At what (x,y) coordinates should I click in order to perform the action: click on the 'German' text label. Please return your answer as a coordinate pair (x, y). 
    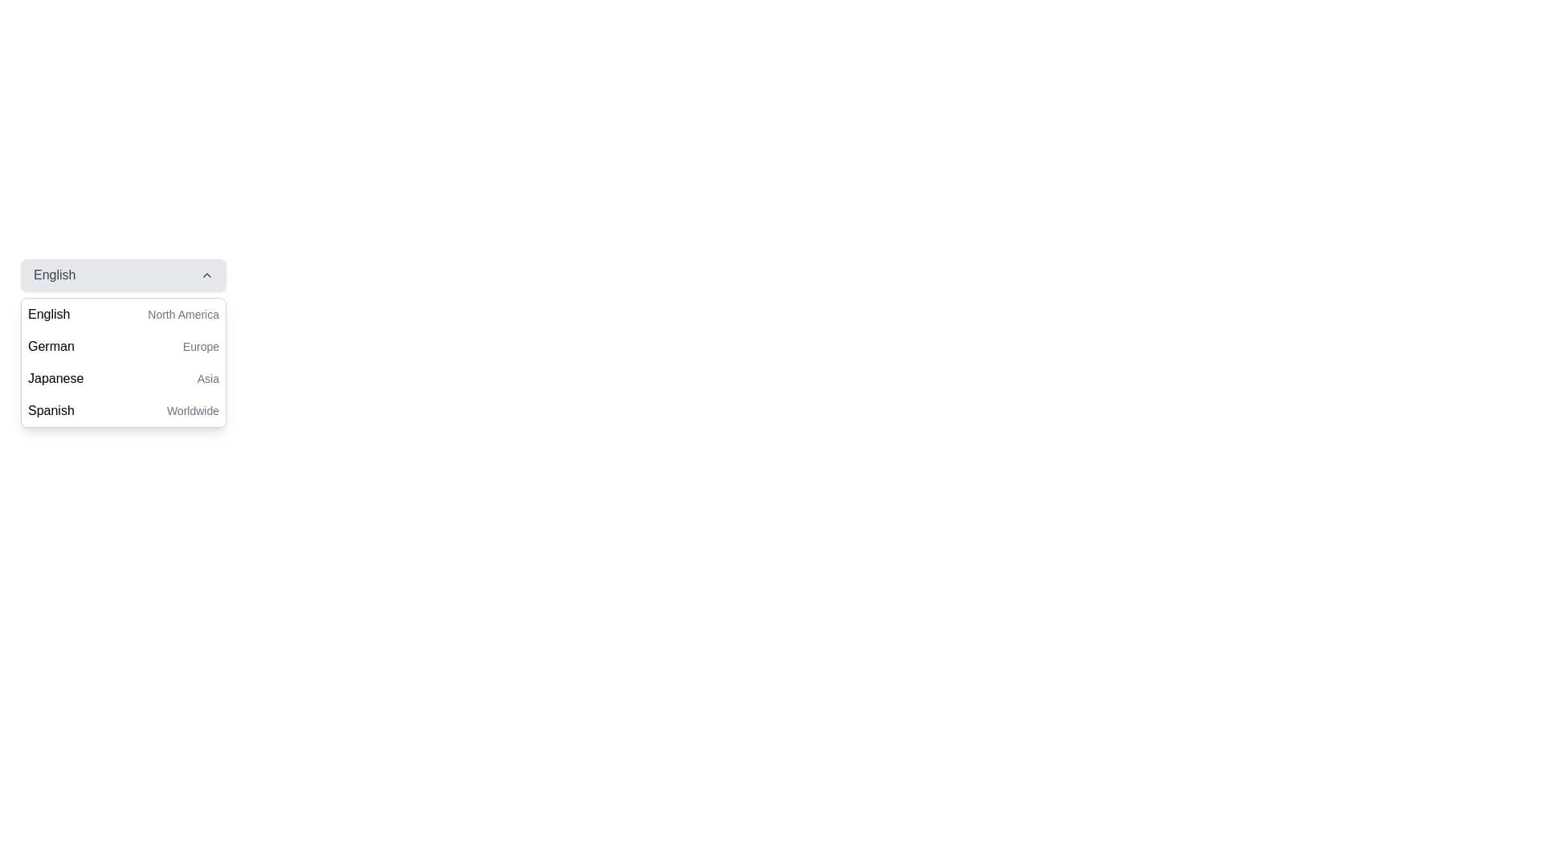
    Looking at the image, I should click on (51, 346).